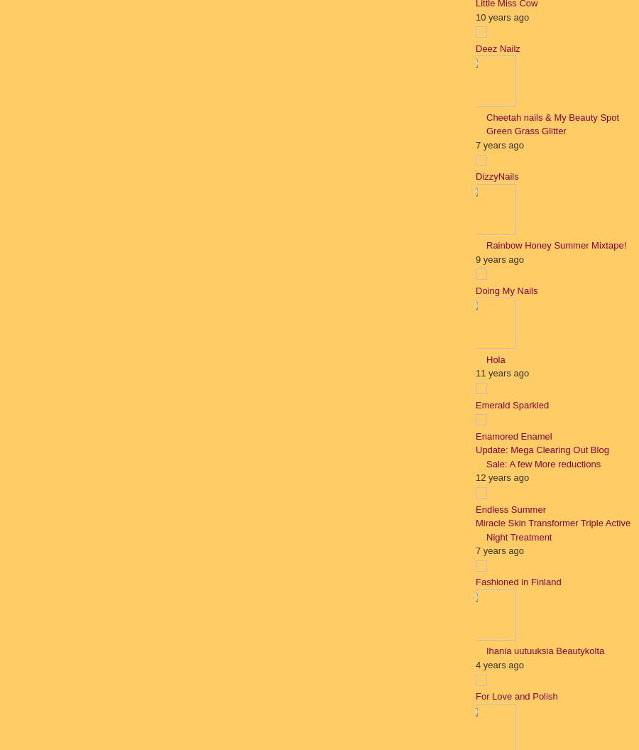  I want to click on 'Enamored Enamel', so click(513, 435).